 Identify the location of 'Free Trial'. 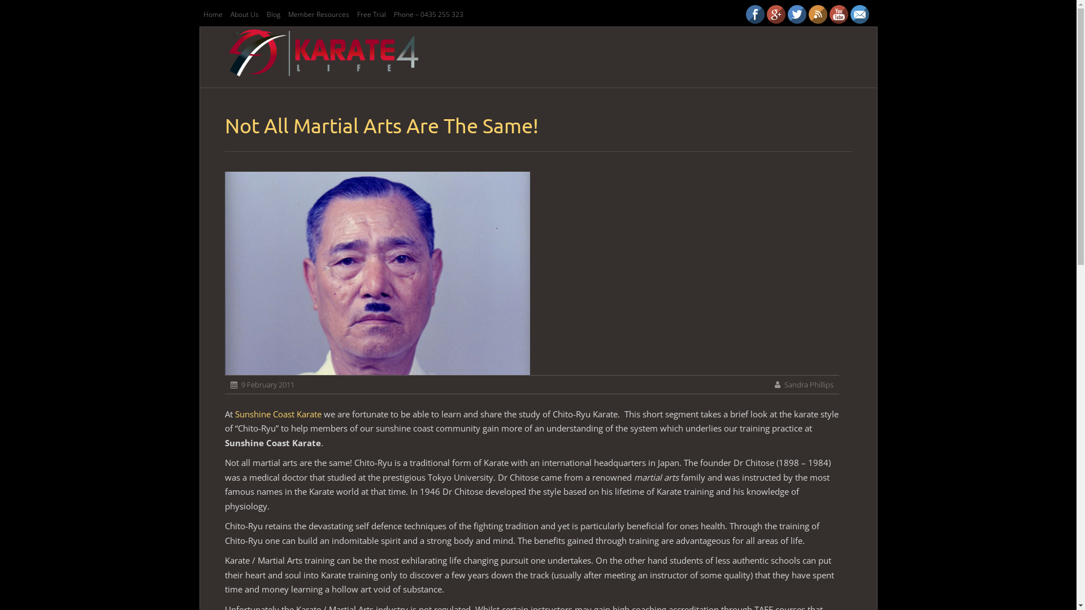
(371, 14).